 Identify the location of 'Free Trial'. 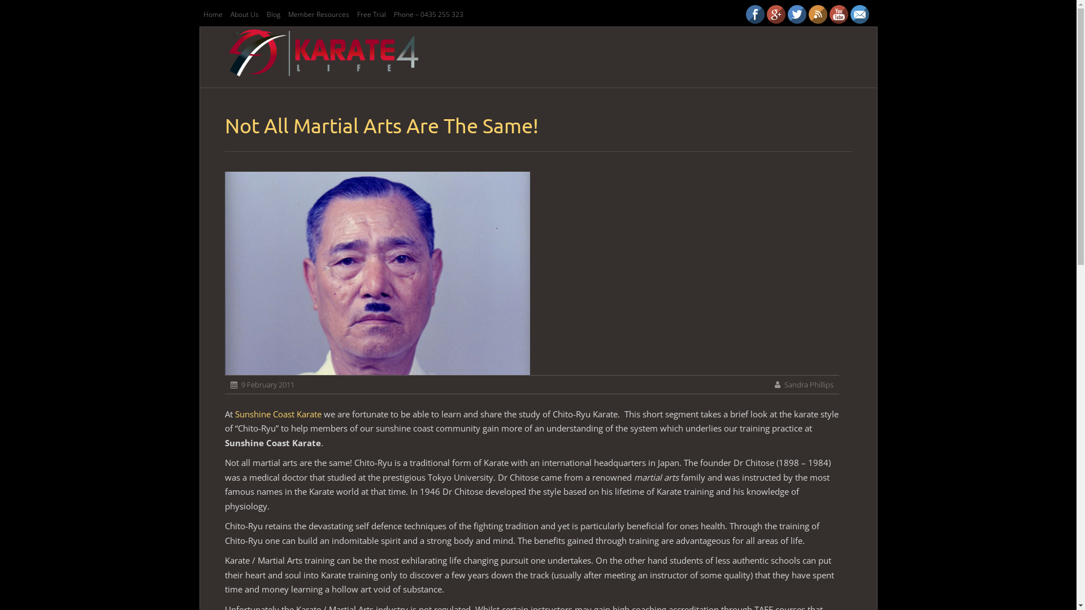
(371, 14).